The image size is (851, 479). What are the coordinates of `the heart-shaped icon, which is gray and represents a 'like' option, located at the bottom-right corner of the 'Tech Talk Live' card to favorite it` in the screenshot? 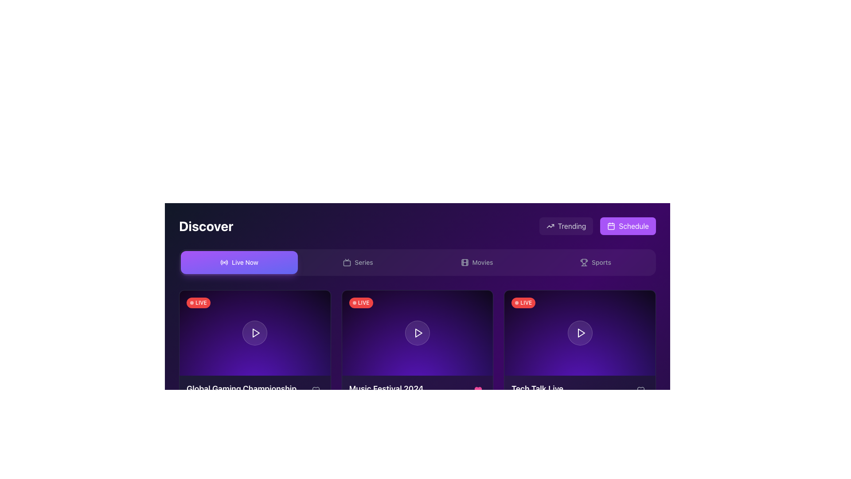 It's located at (640, 389).